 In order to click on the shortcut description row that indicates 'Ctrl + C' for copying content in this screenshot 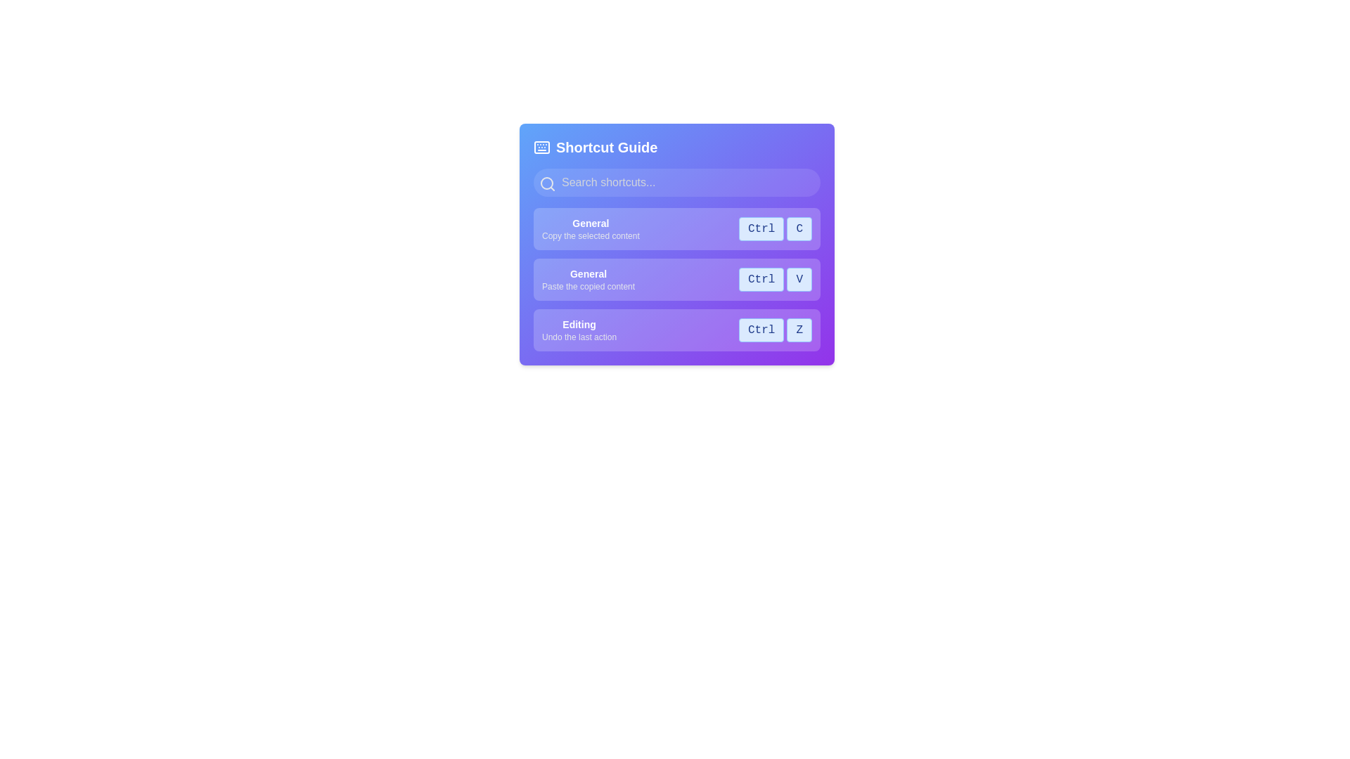, I will do `click(677, 228)`.